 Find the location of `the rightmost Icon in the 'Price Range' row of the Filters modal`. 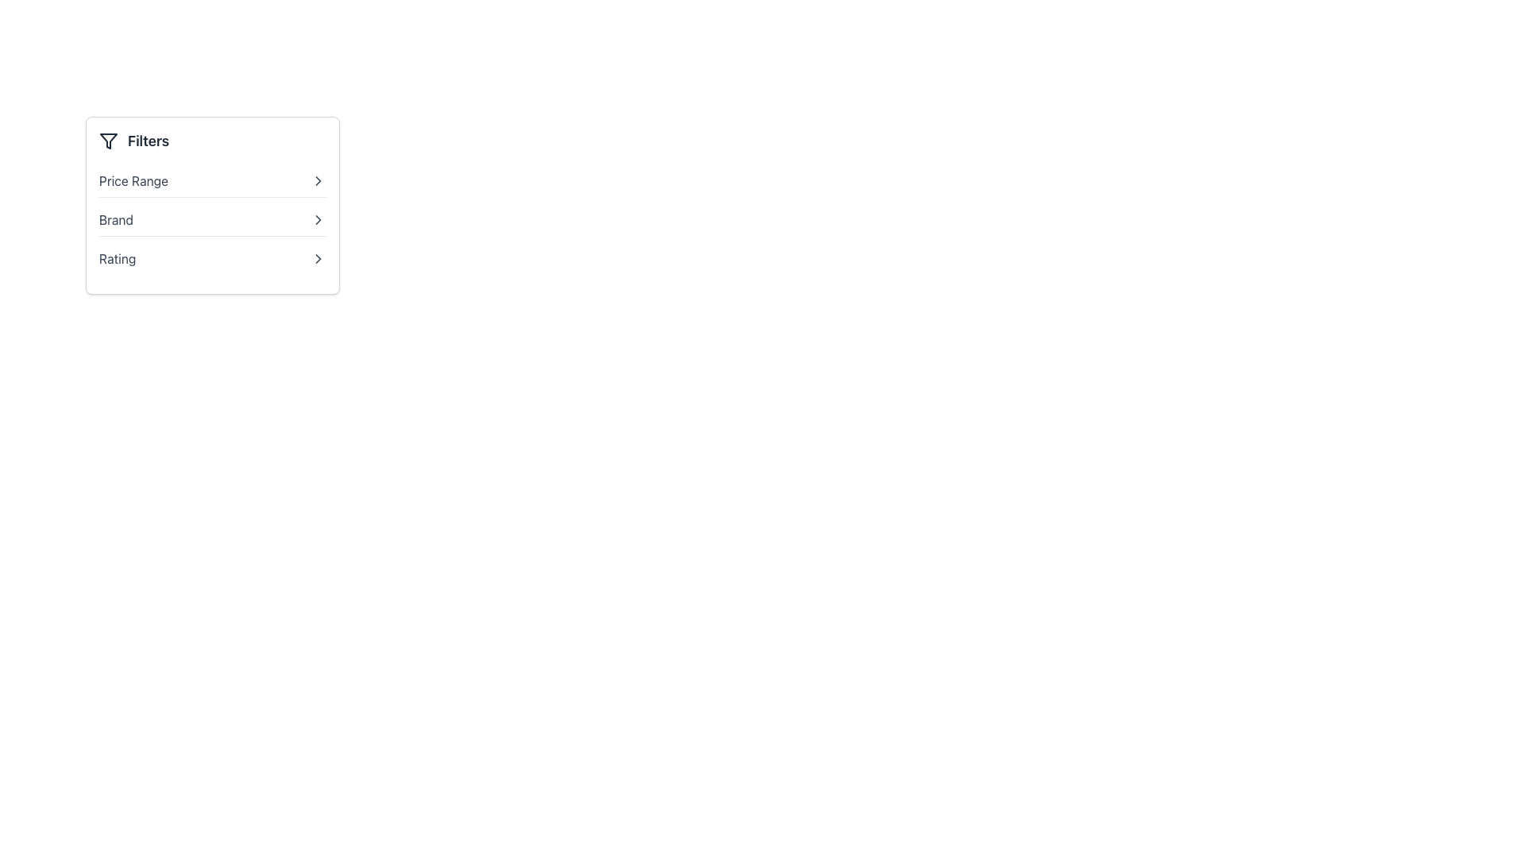

the rightmost Icon in the 'Price Range' row of the Filters modal is located at coordinates (318, 180).